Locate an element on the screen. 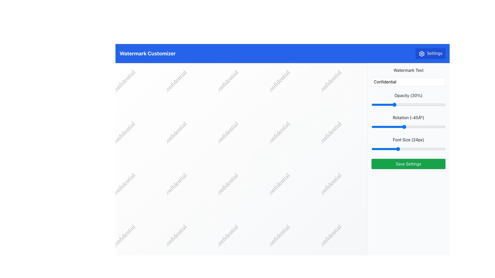 This screenshot has height=278, width=495. the font size slider is located at coordinates (432, 149).